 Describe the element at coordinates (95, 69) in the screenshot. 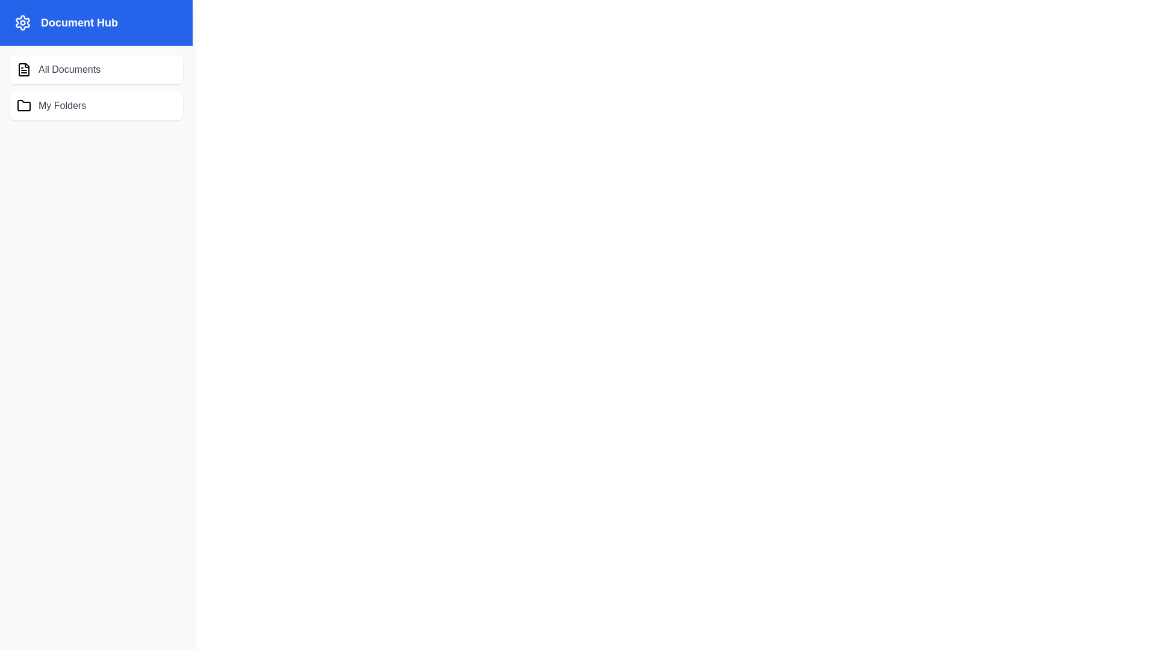

I see `the 'All Documents' option` at that location.